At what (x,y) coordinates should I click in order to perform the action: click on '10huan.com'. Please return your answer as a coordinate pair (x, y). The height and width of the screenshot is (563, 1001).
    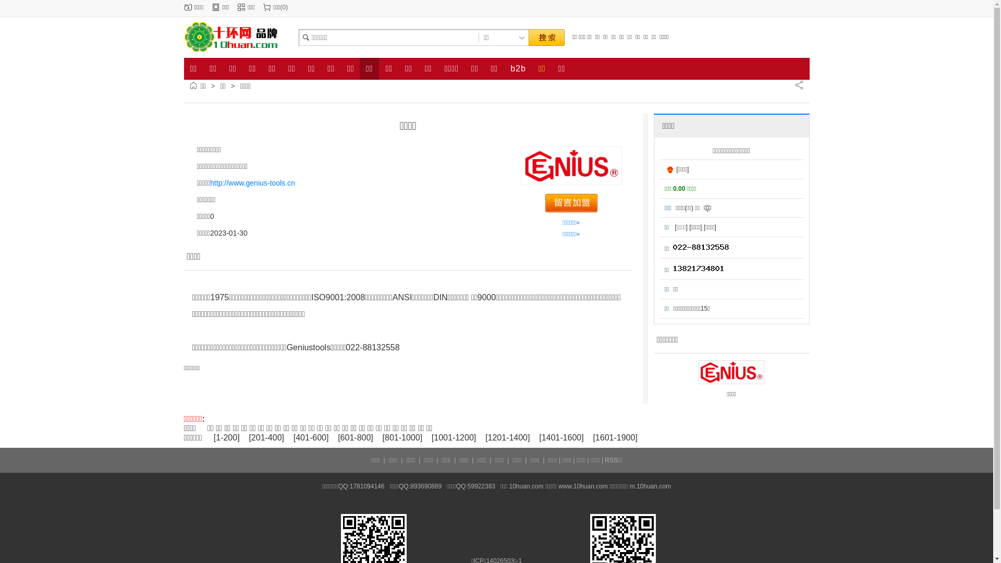
    Looking at the image, I should click on (526, 486).